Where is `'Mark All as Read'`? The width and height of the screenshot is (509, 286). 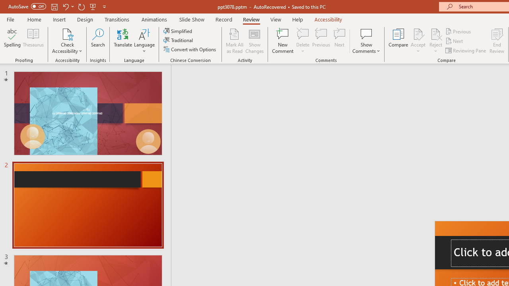
'Mark All as Read' is located at coordinates (234, 41).